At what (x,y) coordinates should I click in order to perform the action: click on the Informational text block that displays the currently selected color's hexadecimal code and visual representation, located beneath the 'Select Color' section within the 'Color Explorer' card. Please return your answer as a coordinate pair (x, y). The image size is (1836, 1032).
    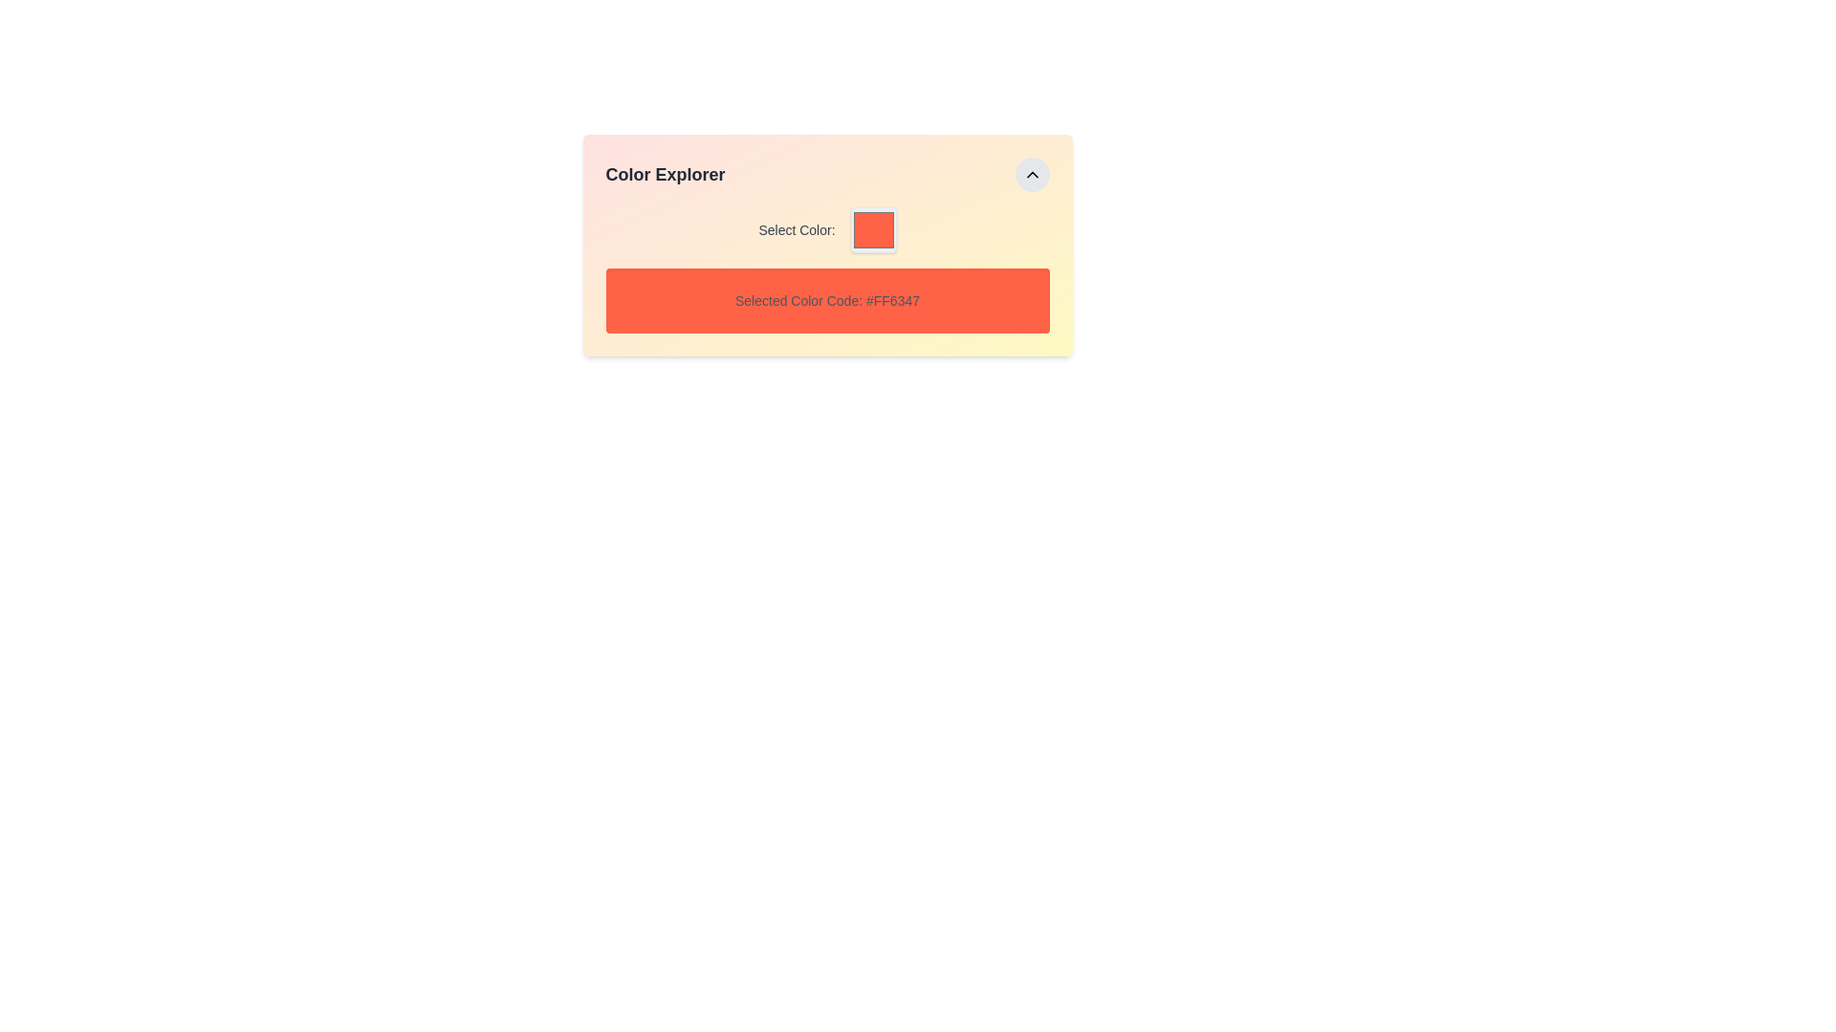
    Looking at the image, I should click on (827, 269).